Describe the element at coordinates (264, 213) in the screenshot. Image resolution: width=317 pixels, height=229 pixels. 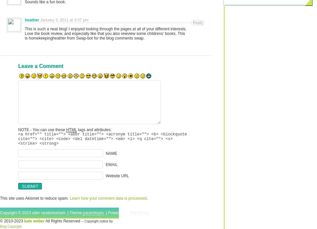
I see `'Top'` at that location.